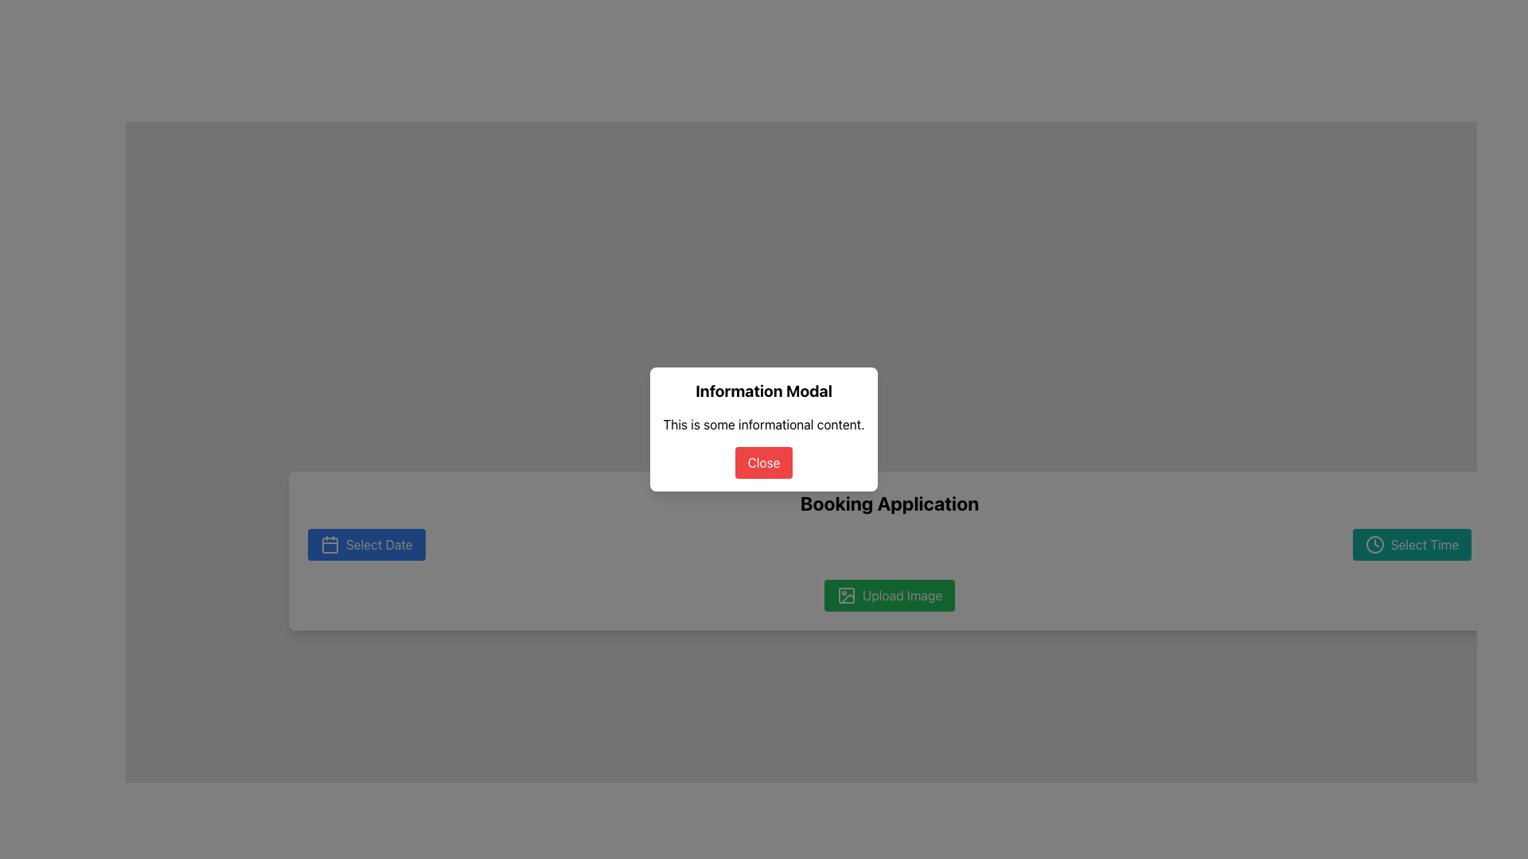 The height and width of the screenshot is (859, 1528). Describe the element at coordinates (329, 544) in the screenshot. I see `the calendar icon located on the left side of the 'Select Date' button to interact with the button` at that location.